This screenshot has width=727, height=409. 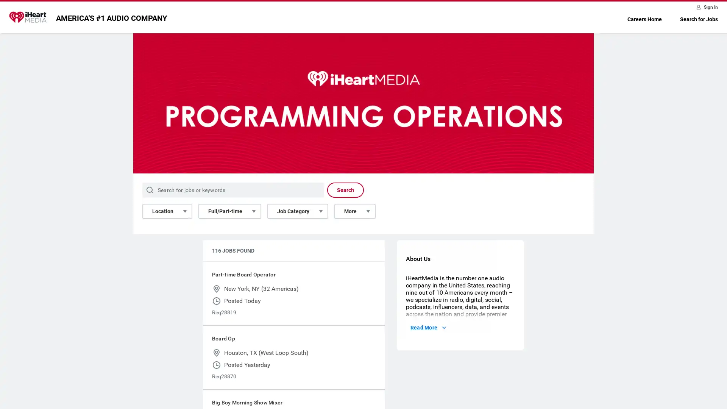 I want to click on Location, so click(x=167, y=211).